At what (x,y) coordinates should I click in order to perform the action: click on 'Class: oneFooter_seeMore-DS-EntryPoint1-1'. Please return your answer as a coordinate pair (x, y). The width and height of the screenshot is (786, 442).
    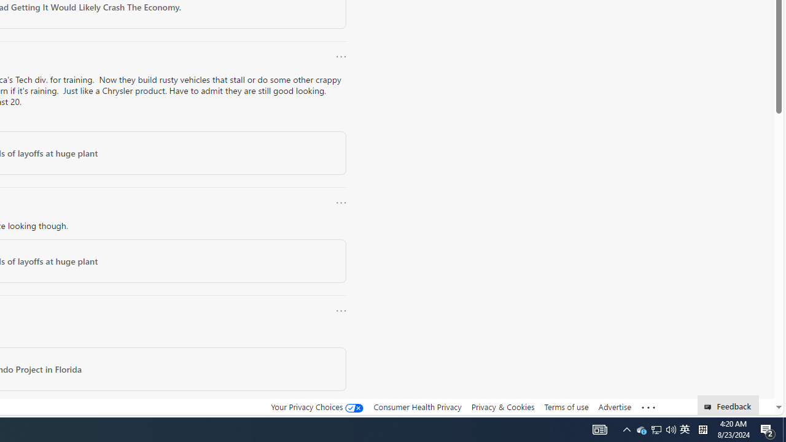
    Looking at the image, I should click on (648, 407).